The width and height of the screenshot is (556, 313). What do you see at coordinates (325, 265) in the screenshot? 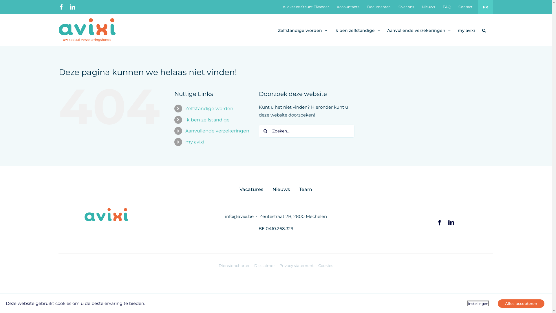
I see `'Cookies'` at bounding box center [325, 265].